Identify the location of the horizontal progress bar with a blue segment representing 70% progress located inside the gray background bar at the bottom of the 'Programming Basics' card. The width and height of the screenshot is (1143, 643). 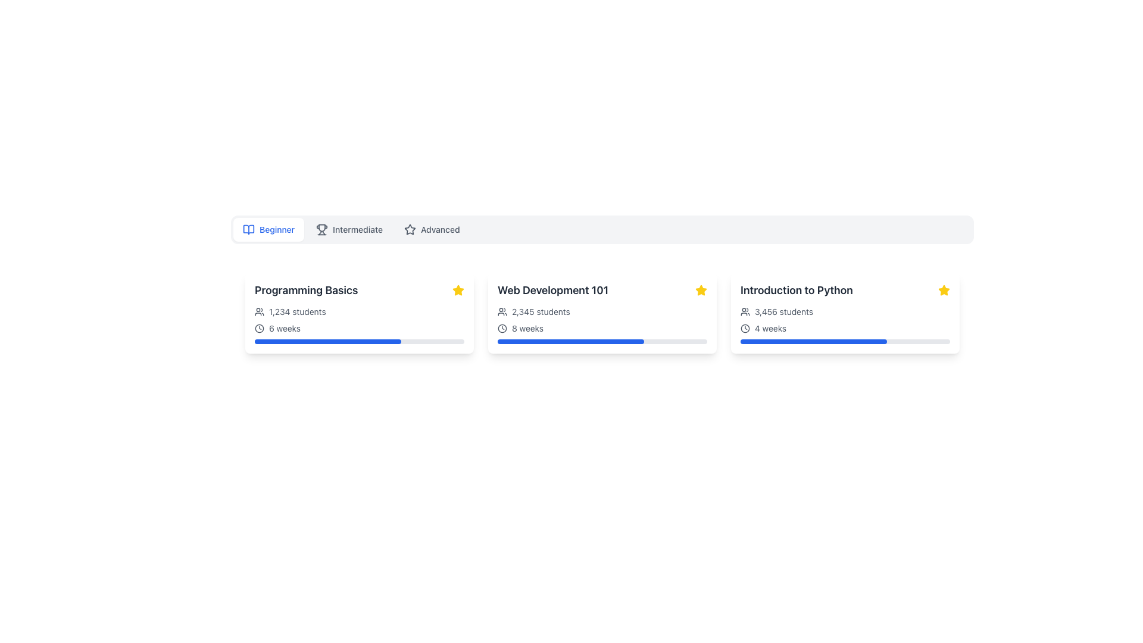
(328, 342).